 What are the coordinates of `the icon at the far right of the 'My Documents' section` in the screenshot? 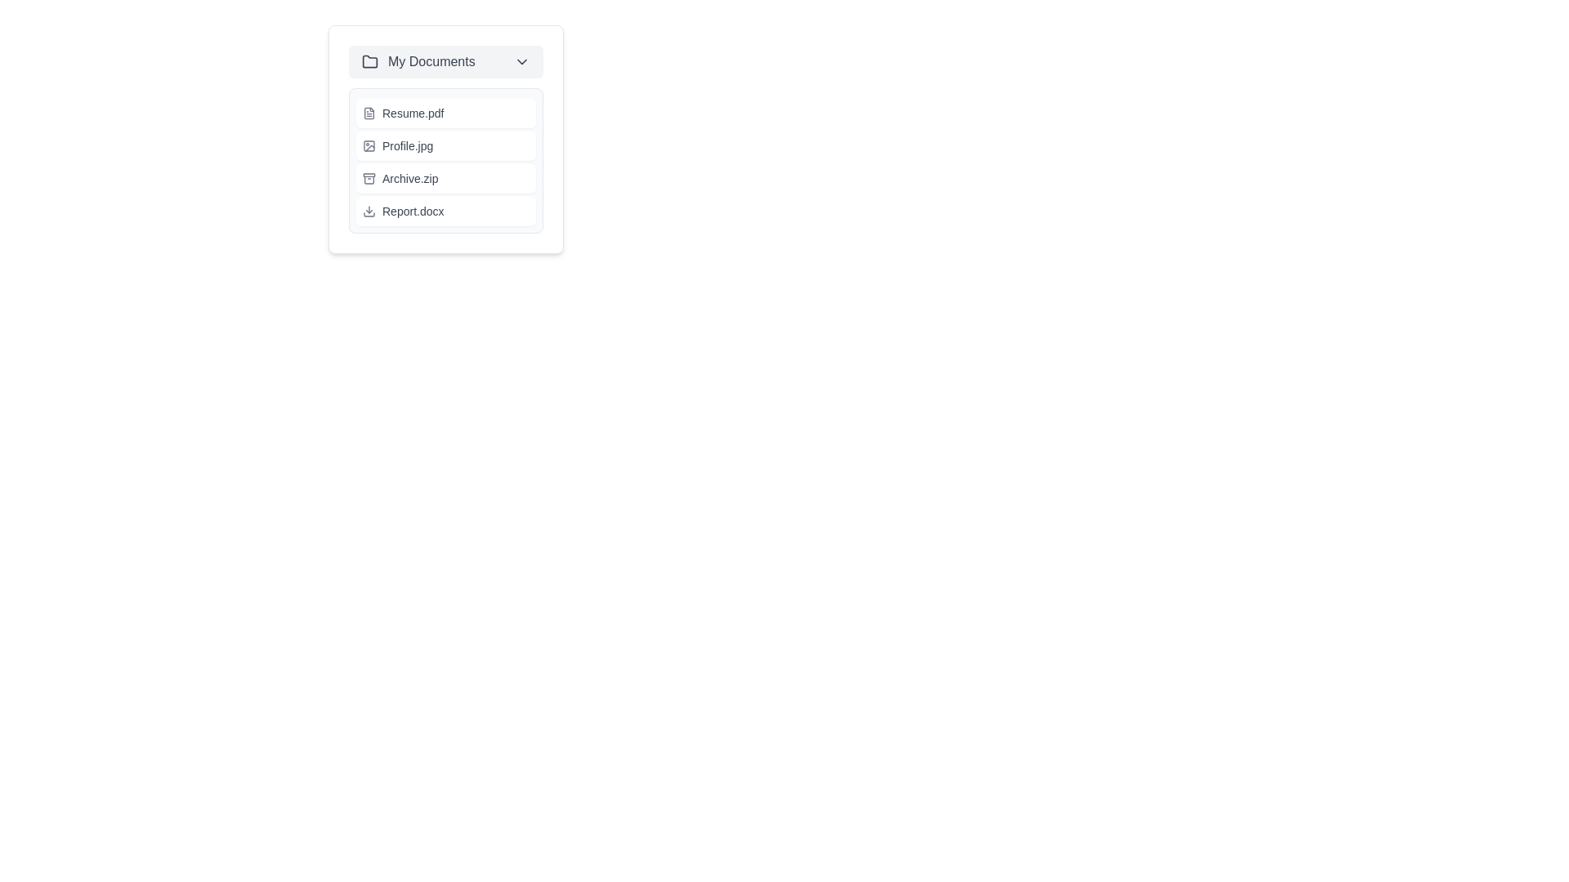 It's located at (521, 61).